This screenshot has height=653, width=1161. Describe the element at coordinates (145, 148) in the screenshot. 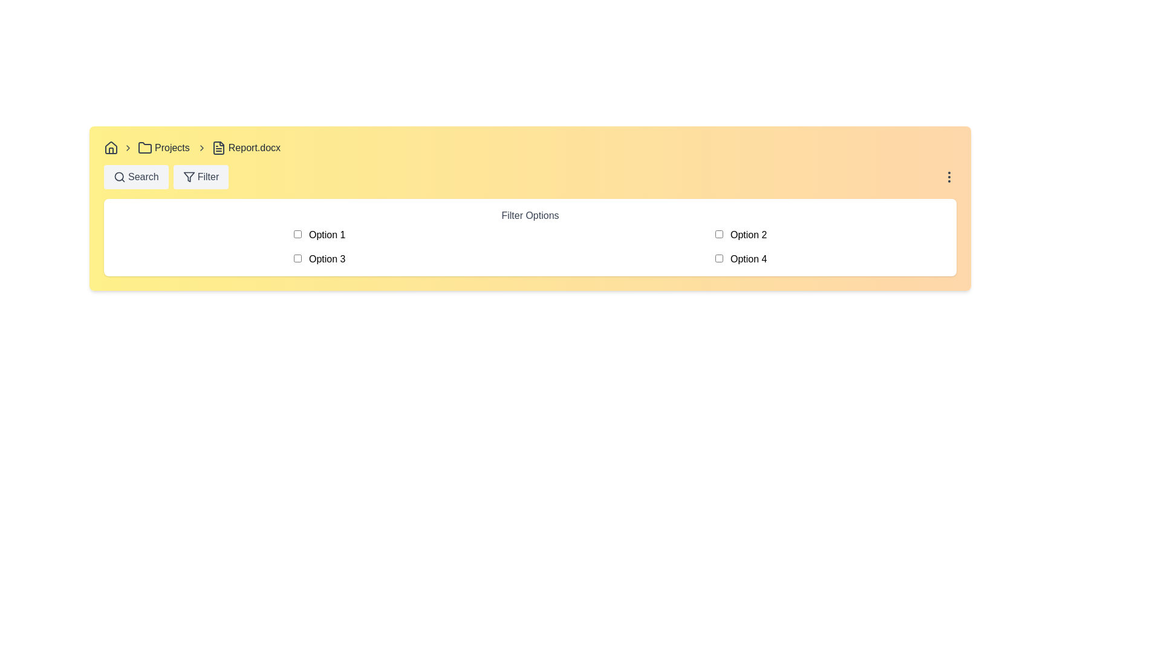

I see `the folder icon in the breadcrumb navigation bar` at that location.